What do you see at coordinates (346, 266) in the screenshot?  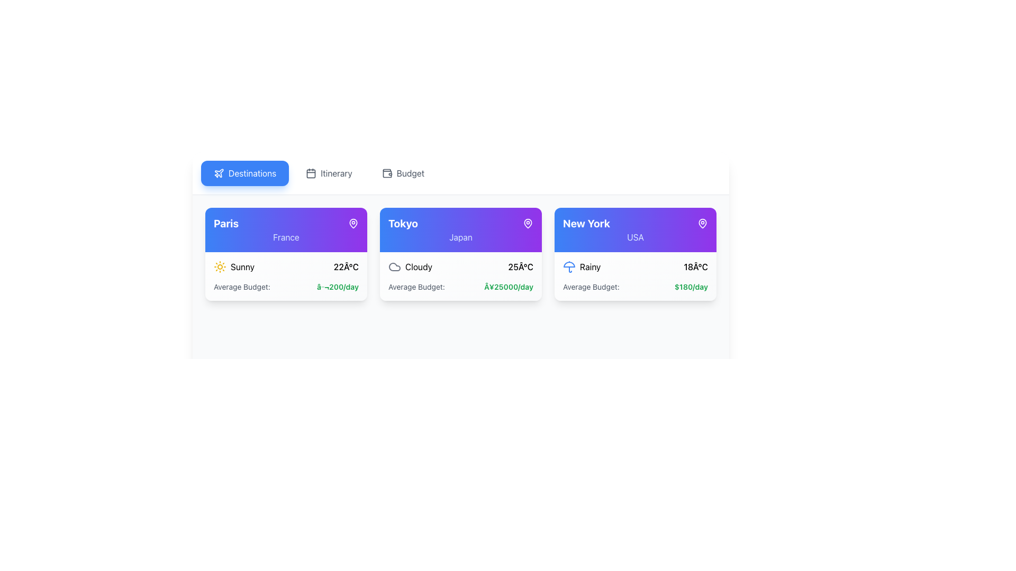 I see `the temperature display element for the weather forecast of 'Paris', located in the upper-right section of the card, following the text 'Sunny'` at bounding box center [346, 266].